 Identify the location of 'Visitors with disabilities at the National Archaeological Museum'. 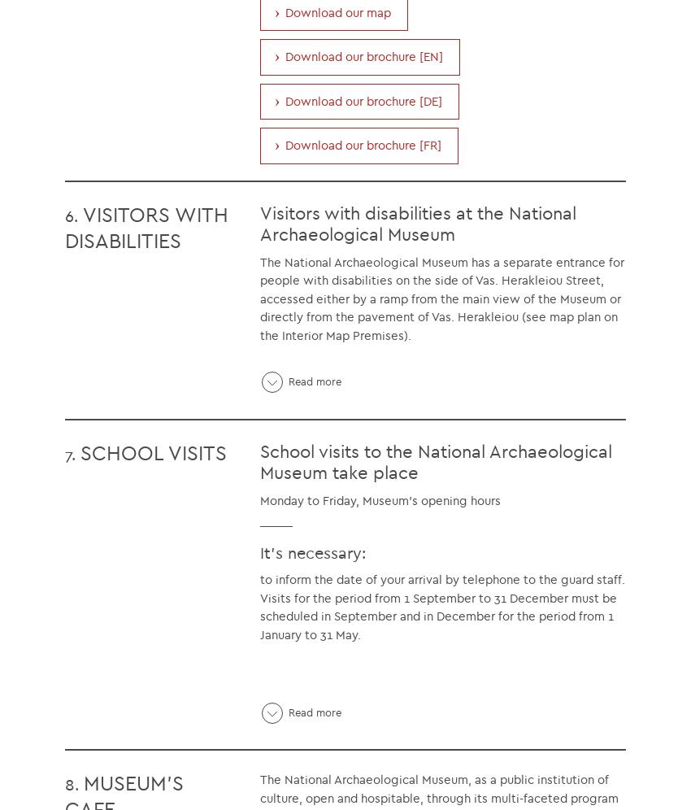
(417, 223).